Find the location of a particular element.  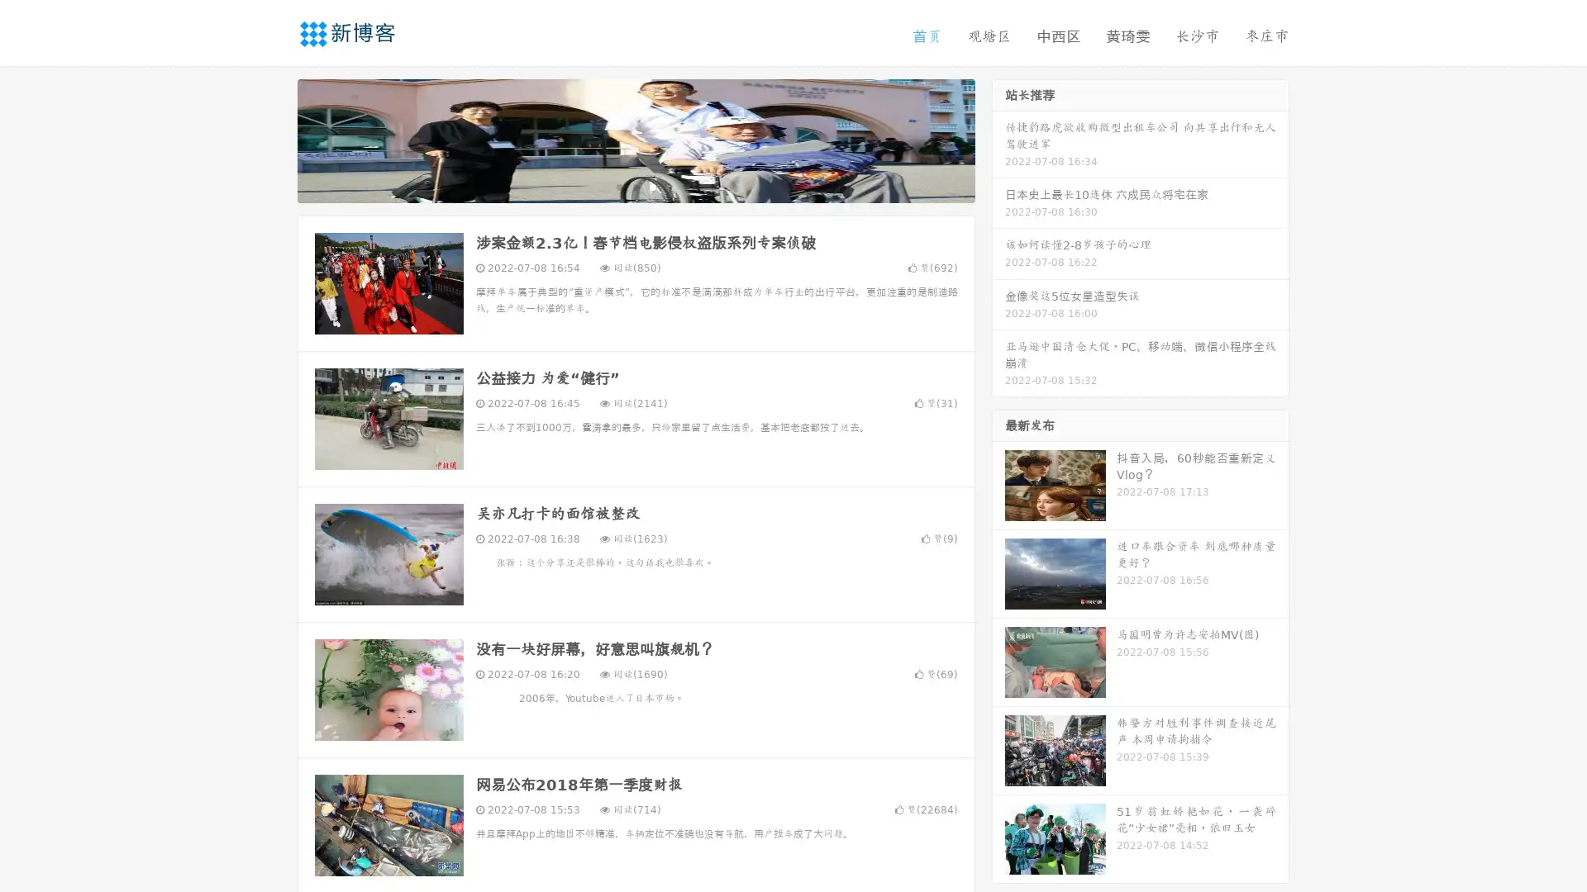

Go to slide 2 is located at coordinates (635, 186).